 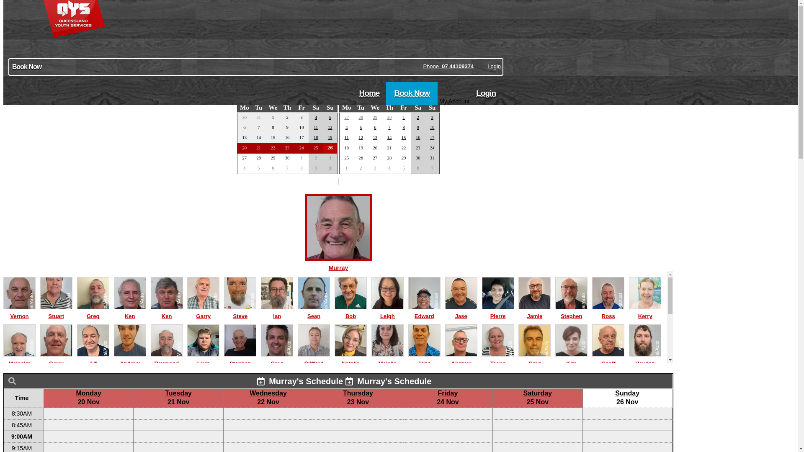 I want to click on '7', so click(x=287, y=168).